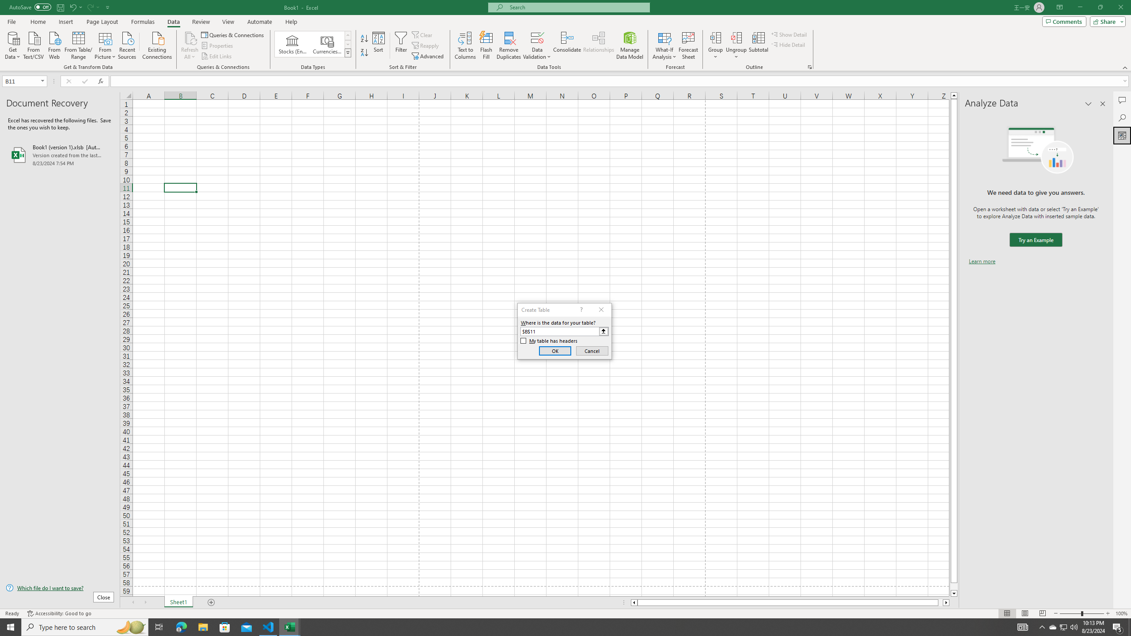 This screenshot has width=1131, height=636. What do you see at coordinates (1088, 103) in the screenshot?
I see `'Task Pane Options'` at bounding box center [1088, 103].